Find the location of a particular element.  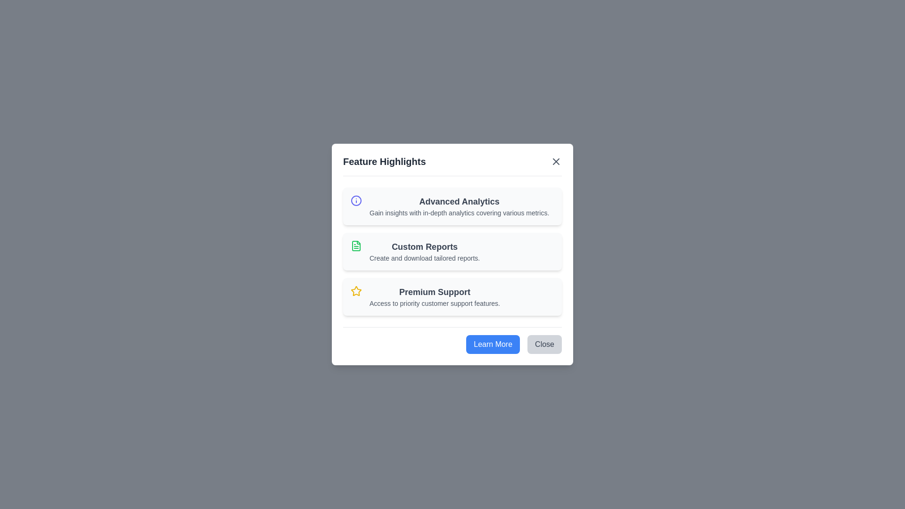

title 'Advanced Analytics' and description 'Gain insights with in-depth analytics covering various metrics.' from the Information card in the 'Feature Highlights' dialog box is located at coordinates (459, 206).